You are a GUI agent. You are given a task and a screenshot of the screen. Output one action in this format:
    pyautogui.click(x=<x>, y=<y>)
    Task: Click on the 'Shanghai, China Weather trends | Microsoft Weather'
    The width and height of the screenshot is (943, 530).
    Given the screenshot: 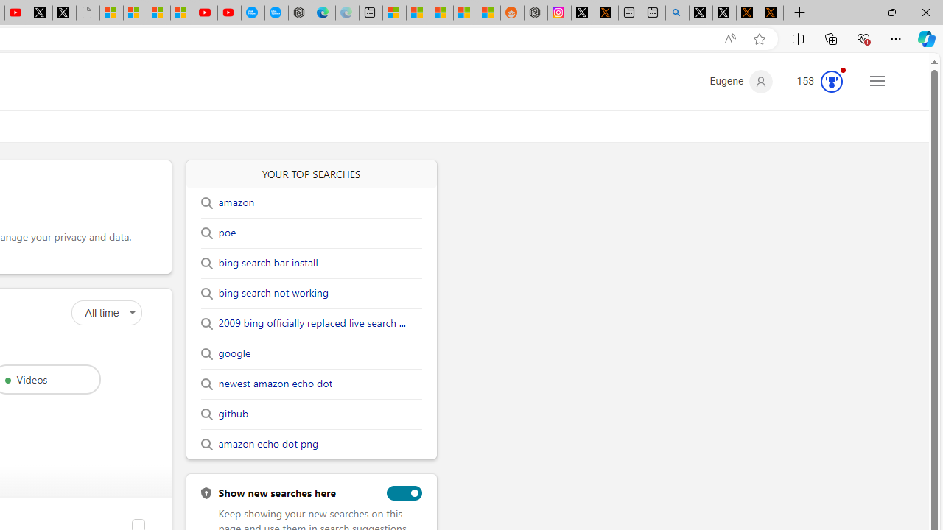 What is the action you would take?
    pyautogui.click(x=488, y=13)
    